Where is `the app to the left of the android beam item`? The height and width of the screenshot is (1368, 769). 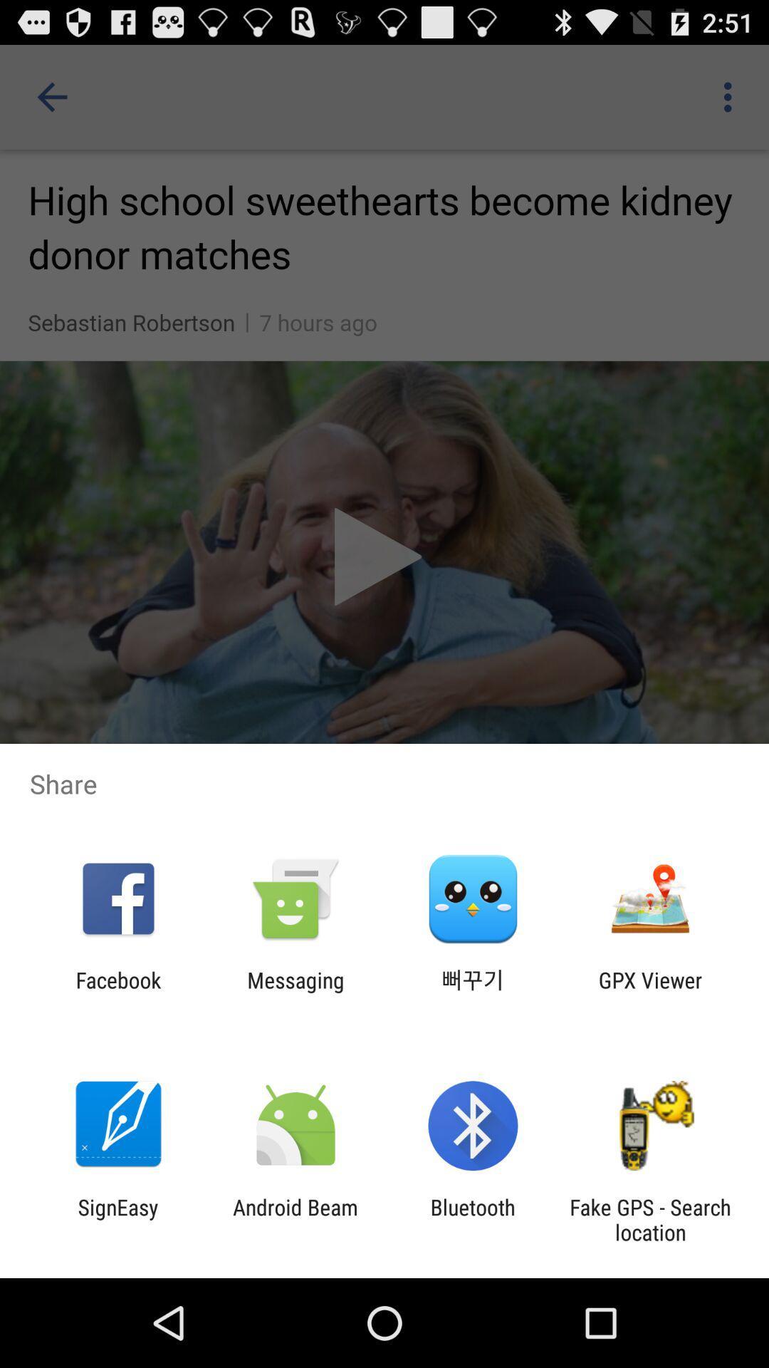
the app to the left of the android beam item is located at coordinates (117, 1219).